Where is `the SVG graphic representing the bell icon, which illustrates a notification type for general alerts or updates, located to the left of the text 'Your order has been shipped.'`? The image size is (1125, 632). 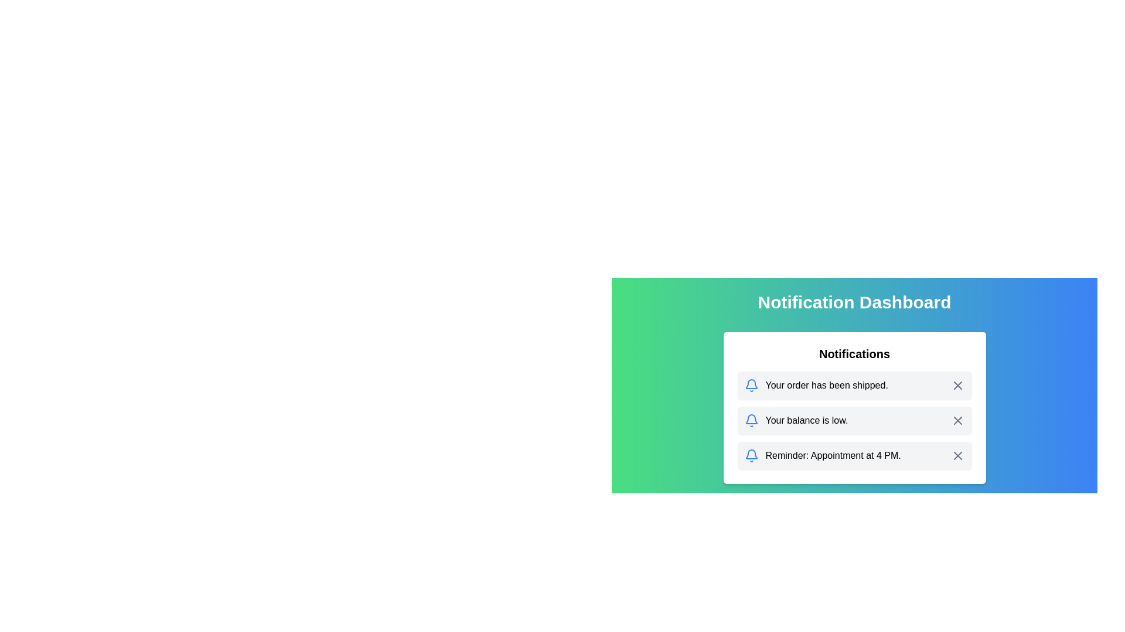 the SVG graphic representing the bell icon, which illustrates a notification type for general alerts or updates, located to the left of the text 'Your order has been shipped.' is located at coordinates (751, 418).